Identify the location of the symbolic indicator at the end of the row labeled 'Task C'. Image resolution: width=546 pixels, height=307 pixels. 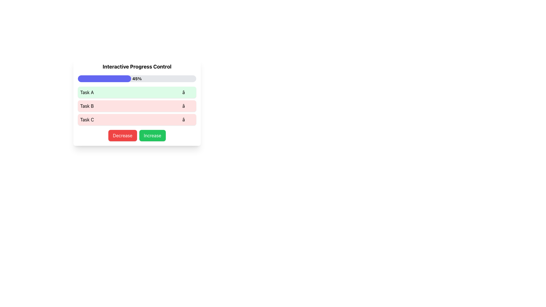
(188, 119).